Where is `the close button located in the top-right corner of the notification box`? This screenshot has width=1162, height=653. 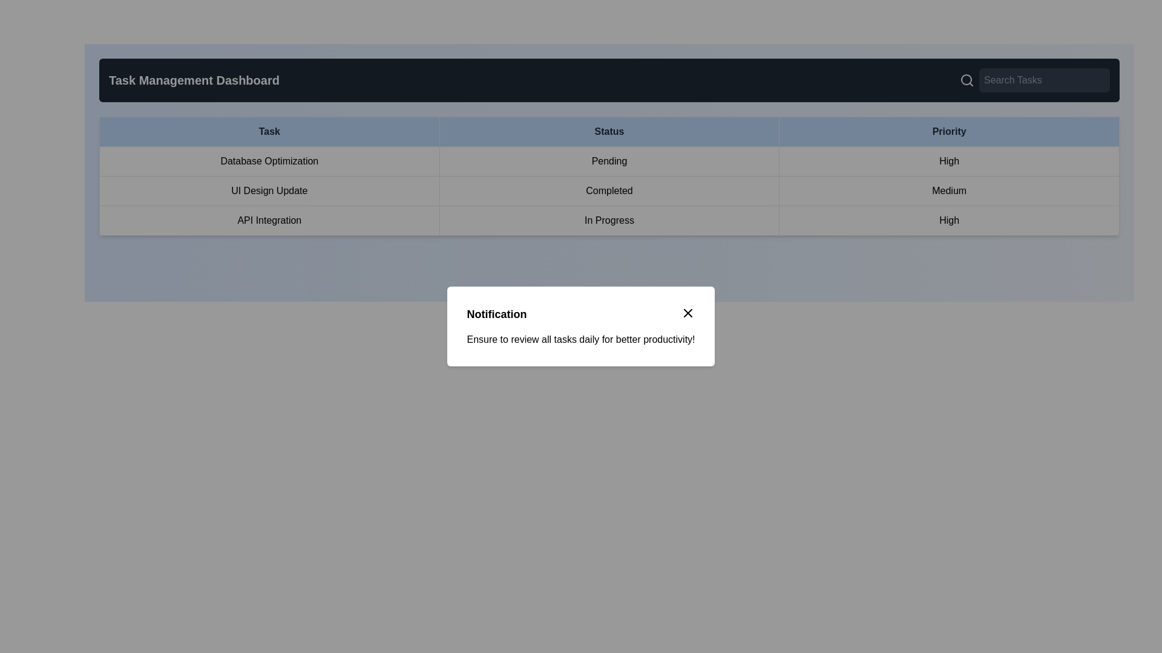 the close button located in the top-right corner of the notification box is located at coordinates (688, 312).